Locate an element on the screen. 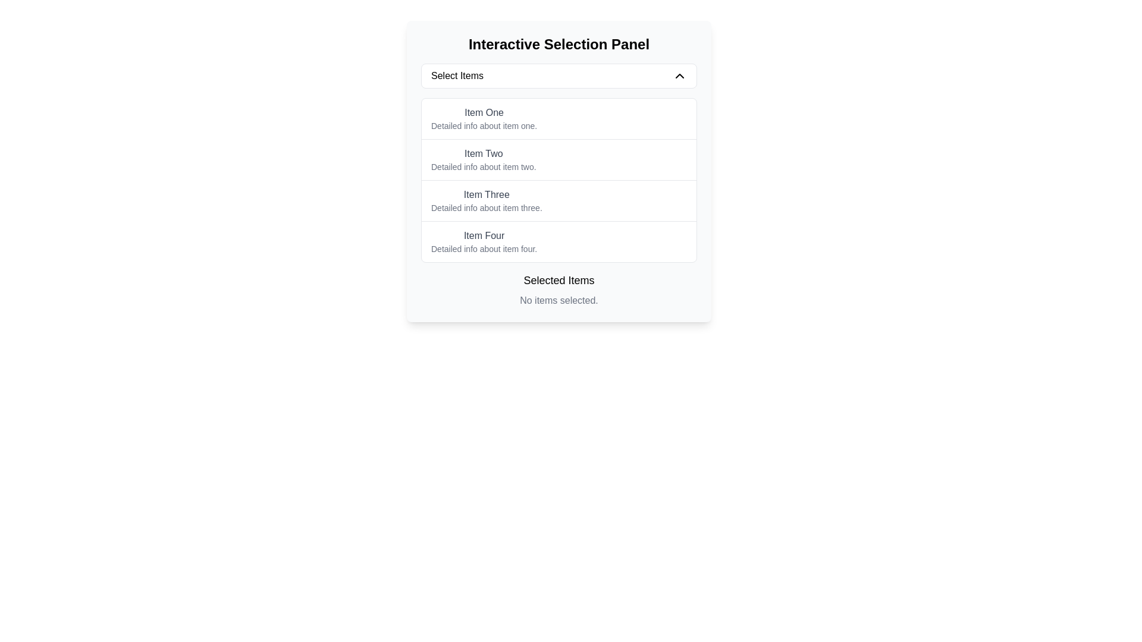 Image resolution: width=1142 pixels, height=642 pixels. the dropdown menu located below the 'Interactive Selection Panel' title to make a selection is located at coordinates (559, 75).